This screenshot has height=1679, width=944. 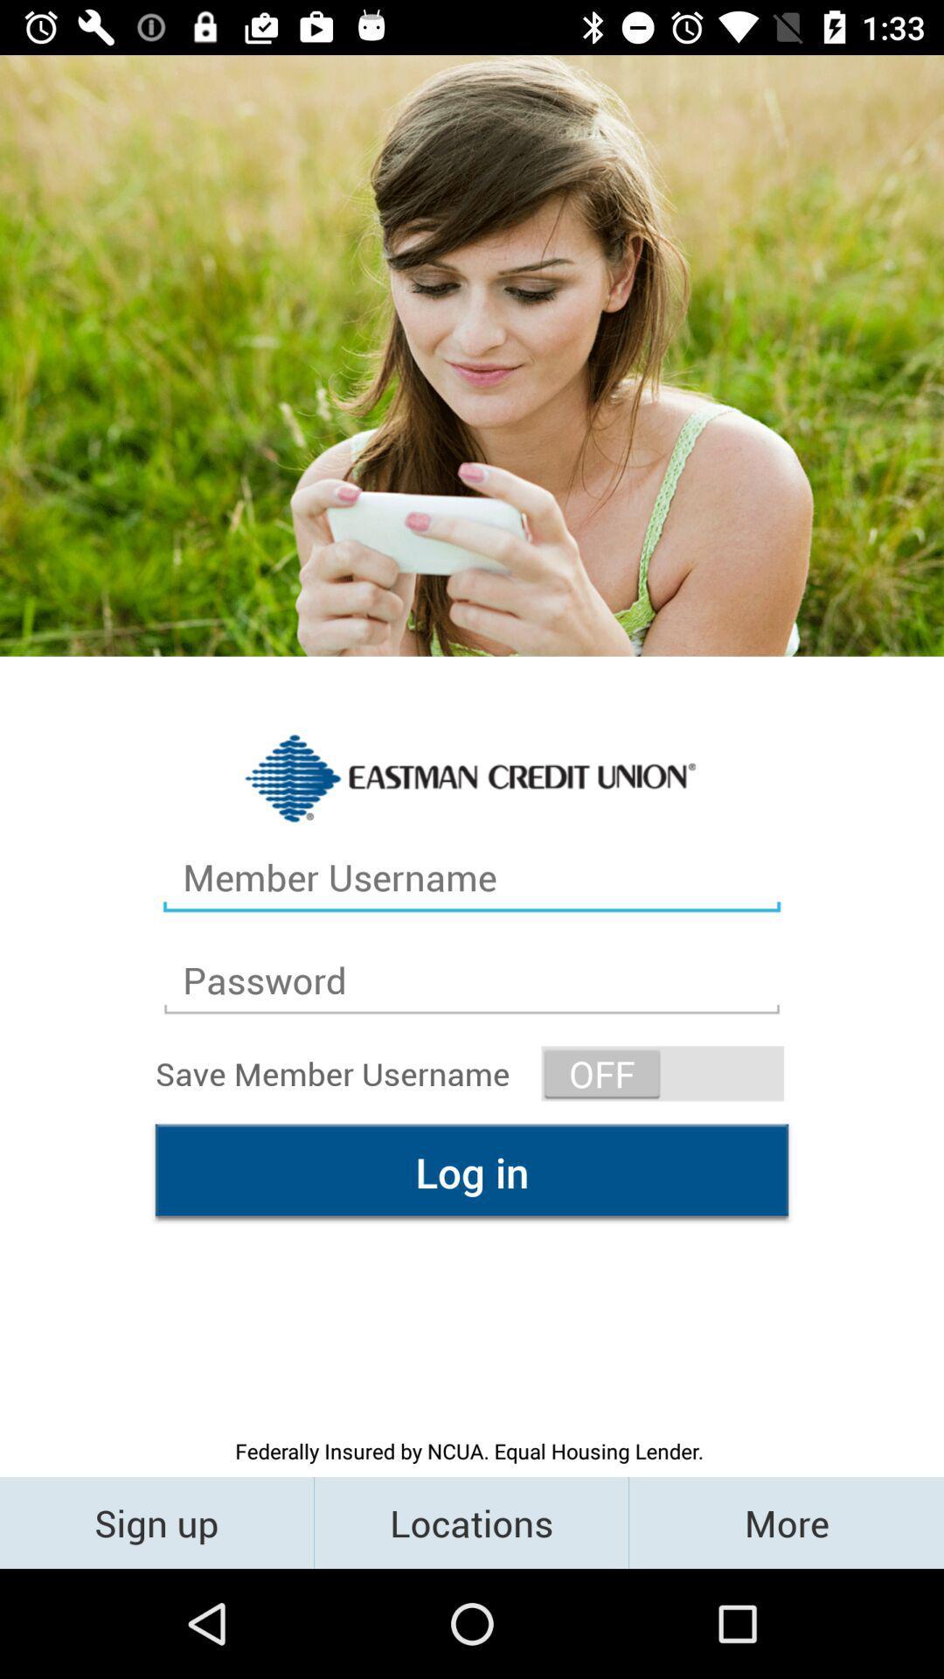 I want to click on the locations item, so click(x=470, y=1522).